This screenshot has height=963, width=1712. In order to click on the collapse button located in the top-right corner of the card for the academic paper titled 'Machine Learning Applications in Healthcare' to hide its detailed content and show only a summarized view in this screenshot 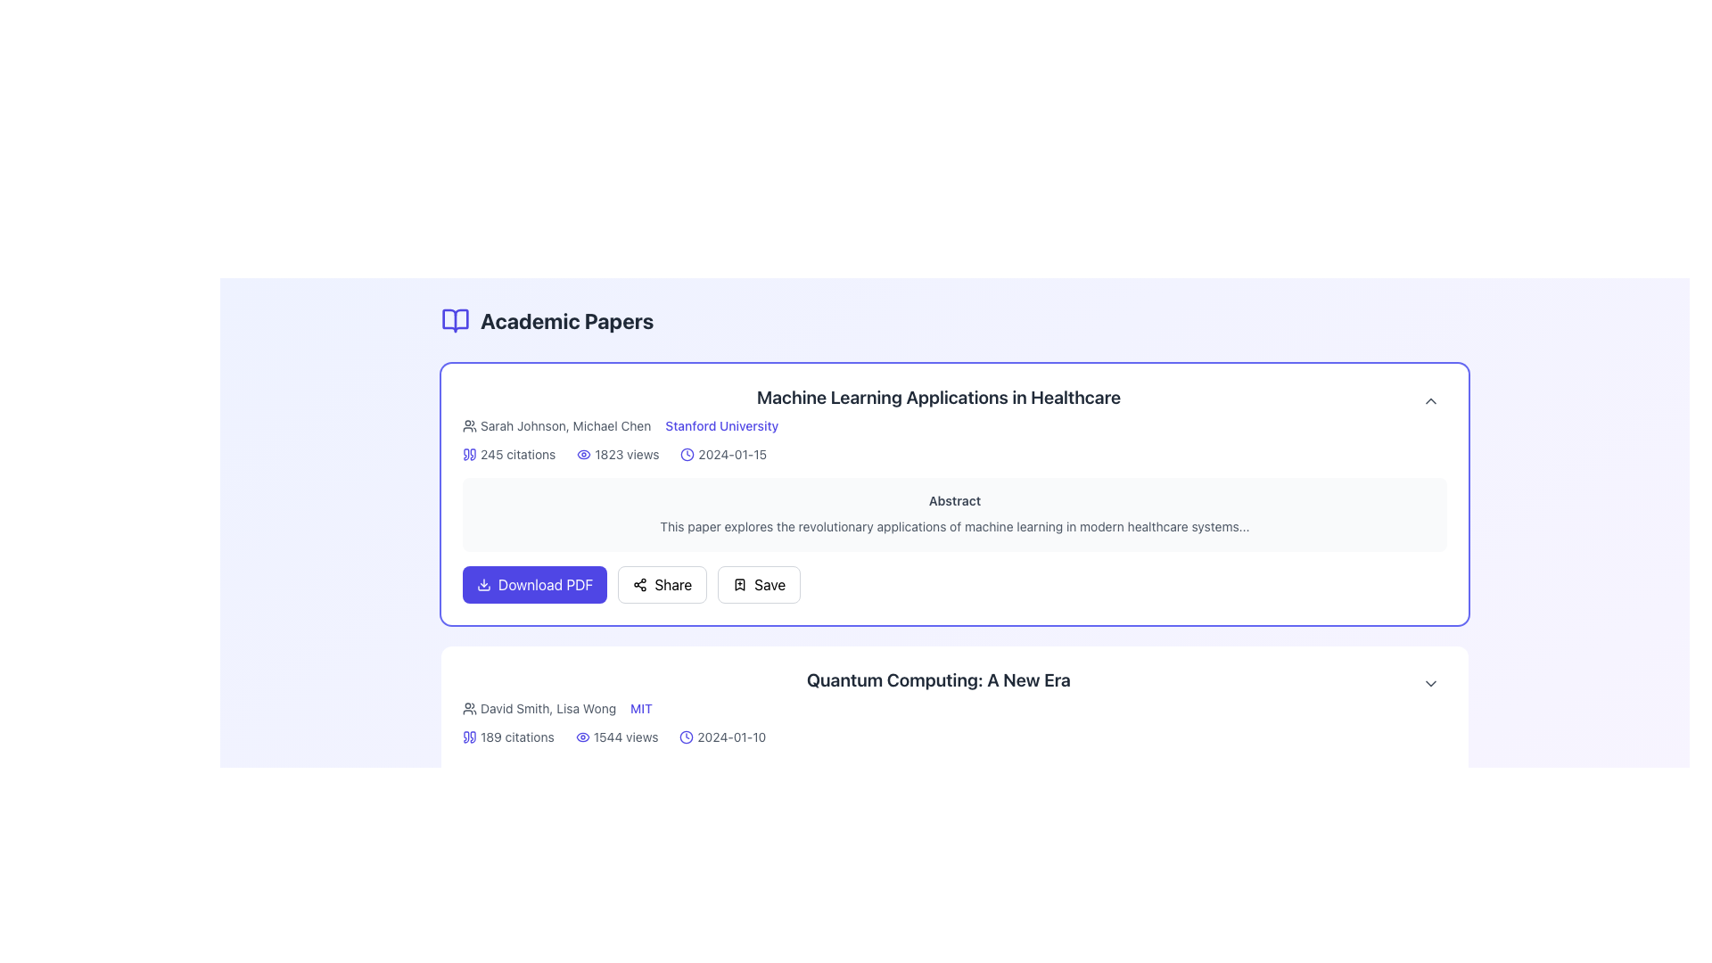, I will do `click(1430, 401)`.